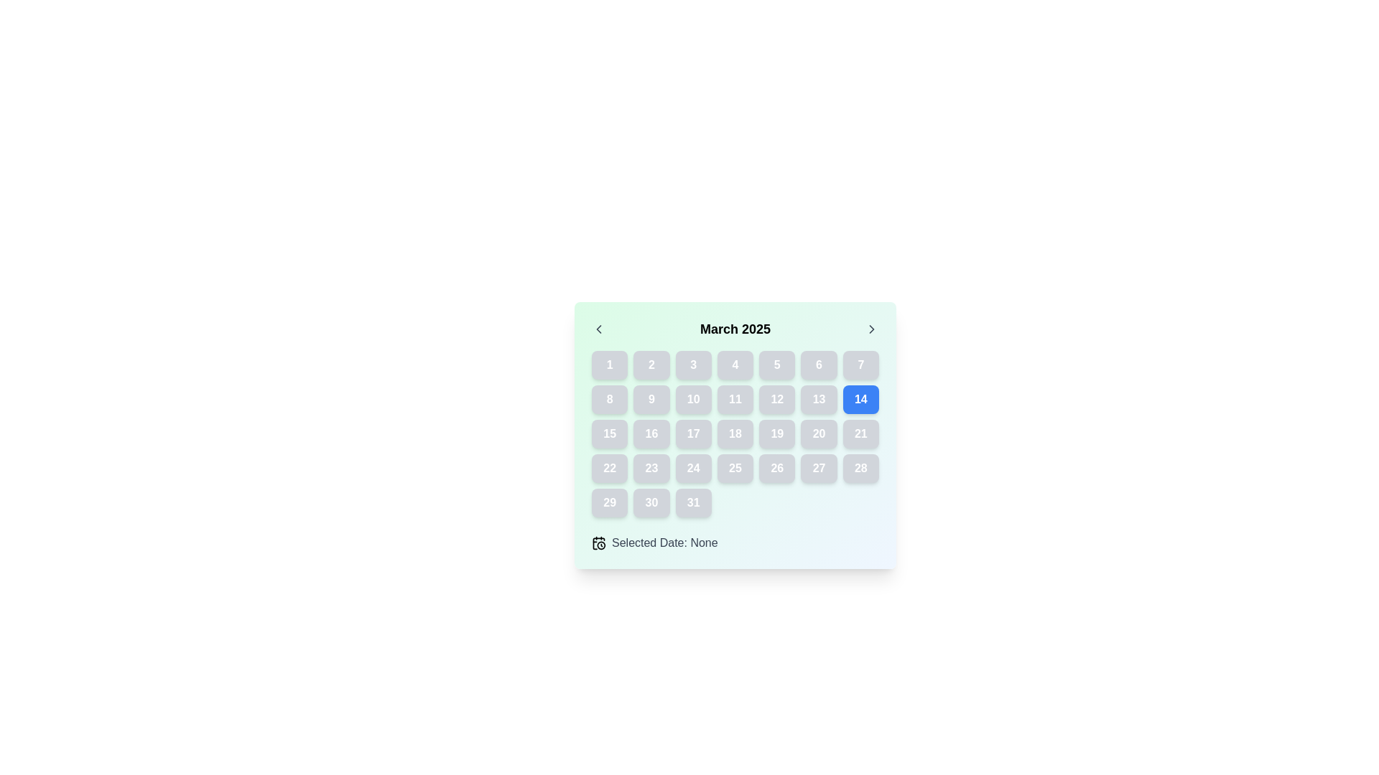 The image size is (1379, 775). Describe the element at coordinates (735, 433) in the screenshot. I see `the button labeled '18' in the calendar grid` at that location.